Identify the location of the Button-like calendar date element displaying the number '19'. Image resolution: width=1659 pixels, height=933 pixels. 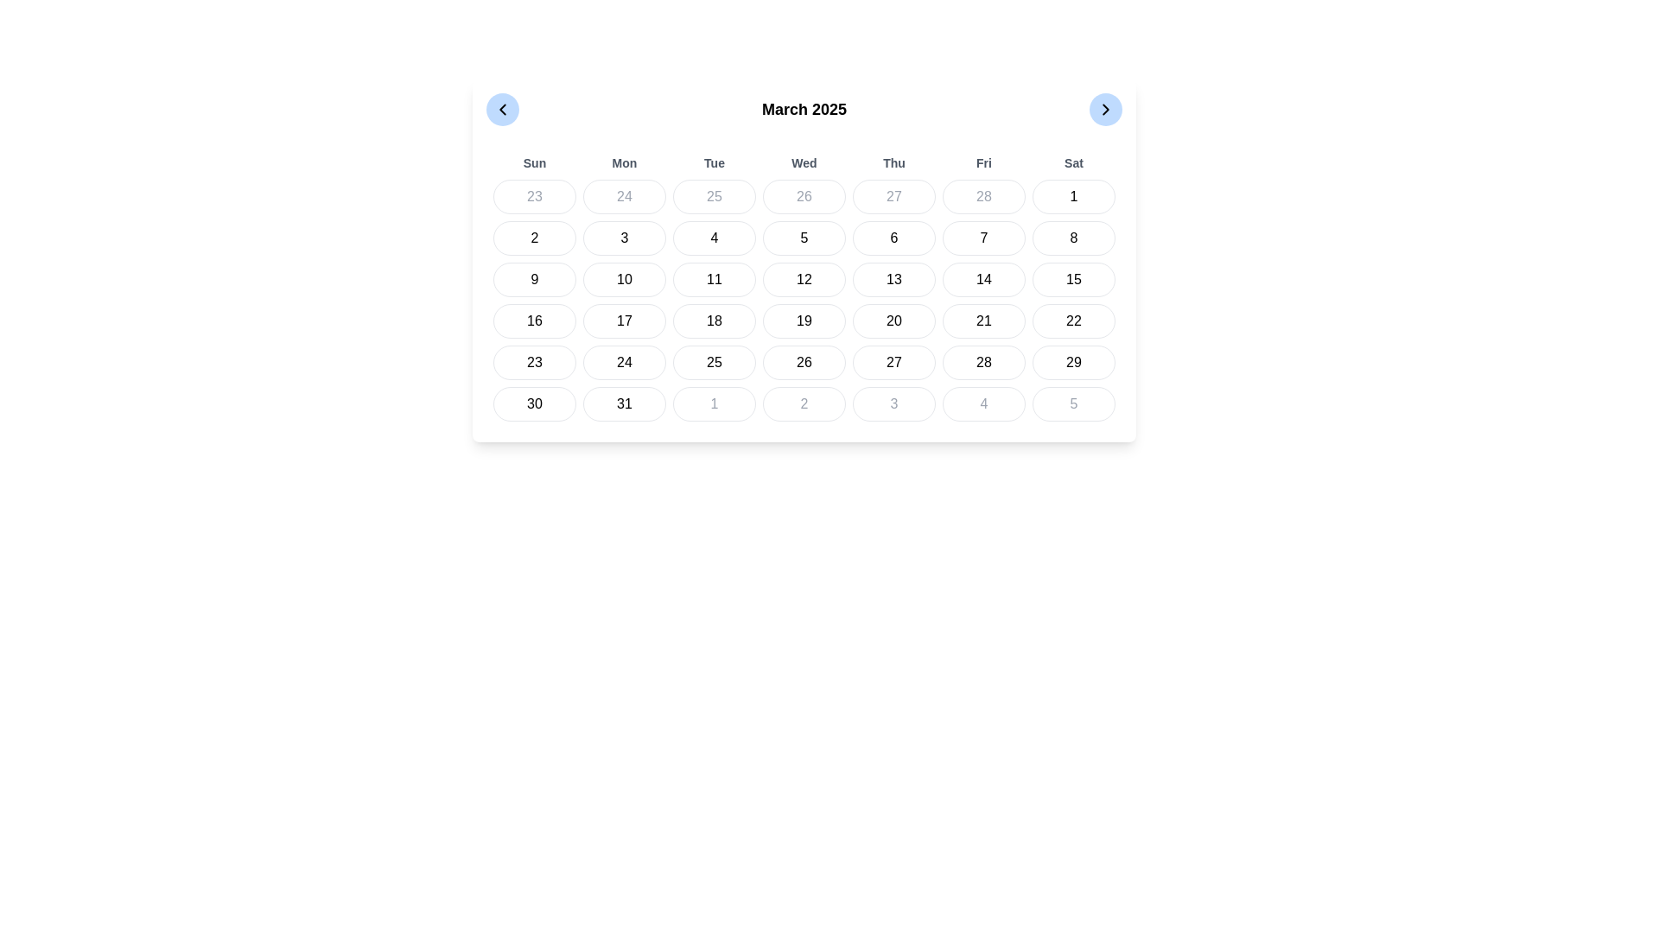
(804, 321).